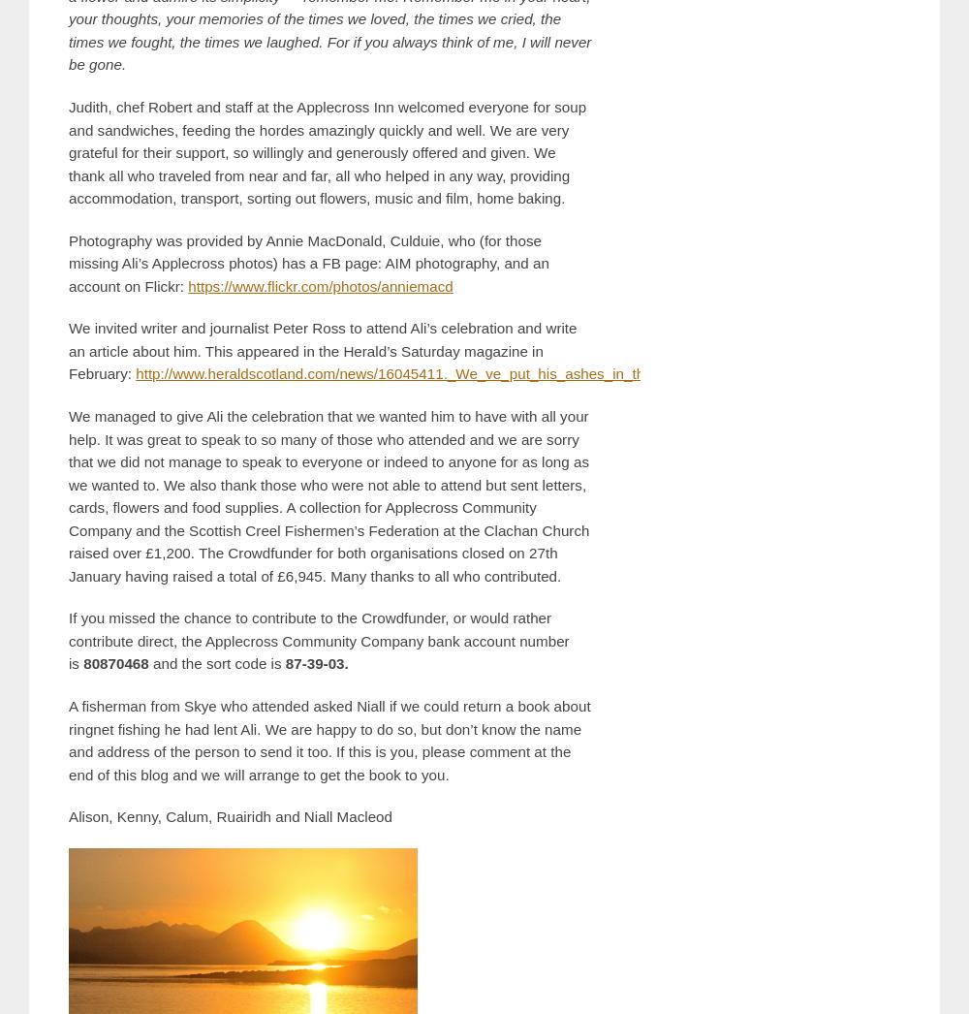  What do you see at coordinates (68, 815) in the screenshot?
I see `'Alison, Kenny, Calum, Ruairidh and Niall Macleod'` at bounding box center [68, 815].